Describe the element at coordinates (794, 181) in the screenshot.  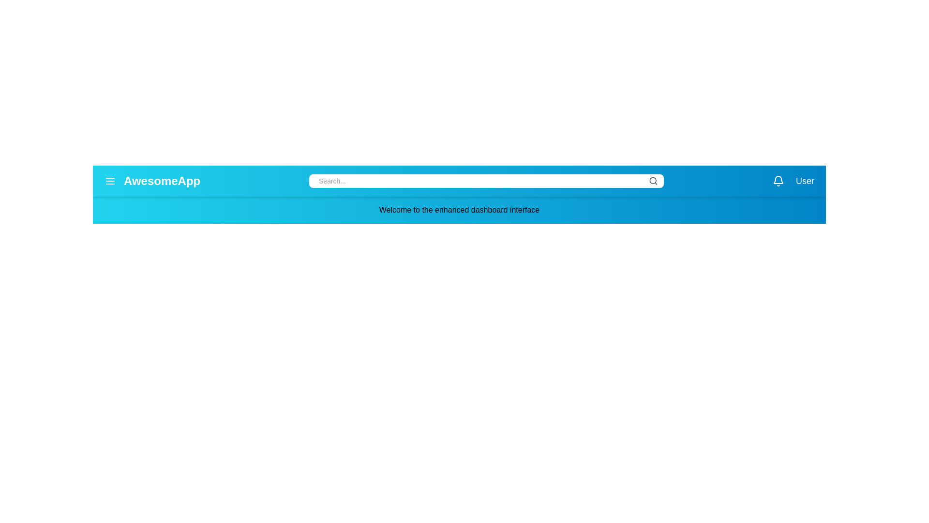
I see `for updates on the 'User' text label located at the top-right corner of the navigation bar, adjacent to the bell icon` at that location.